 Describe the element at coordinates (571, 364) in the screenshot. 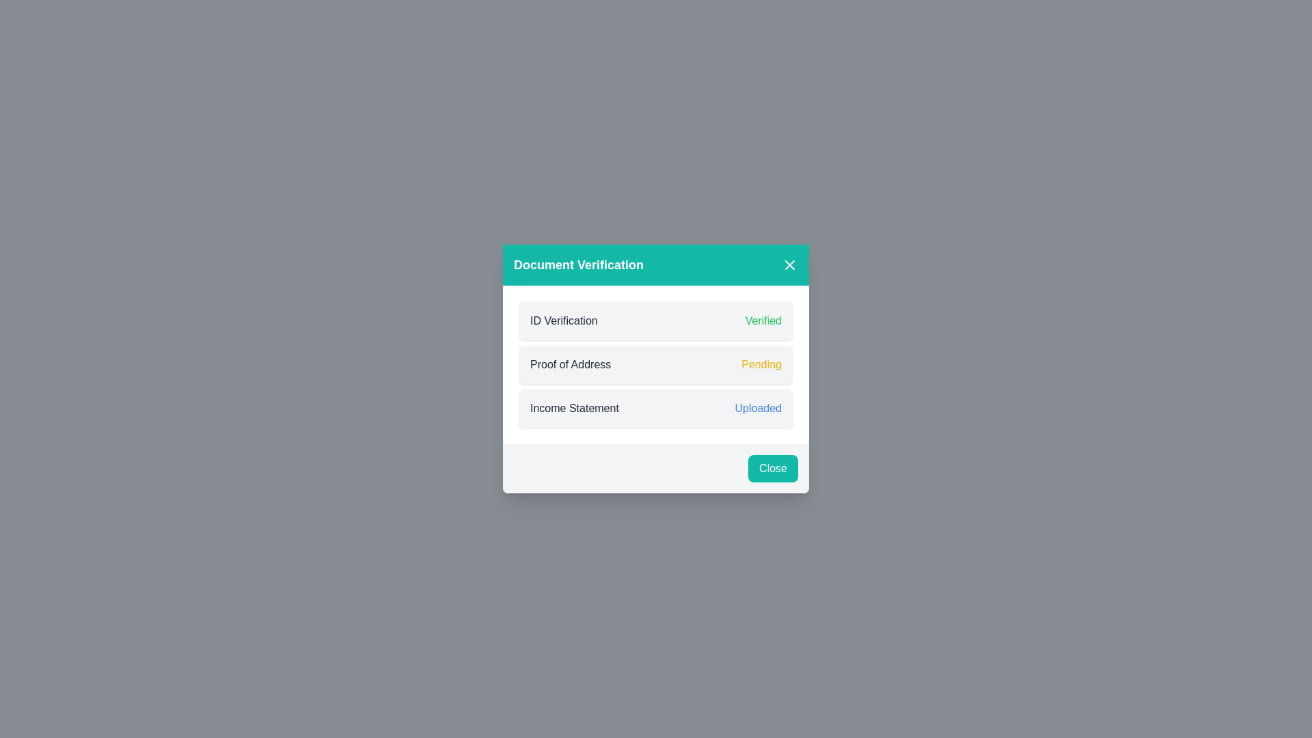

I see `static text label indicating 'Proof of Address' located in the second row of the 'Document Verification' modal window, next to the 'Pending' status label` at that location.